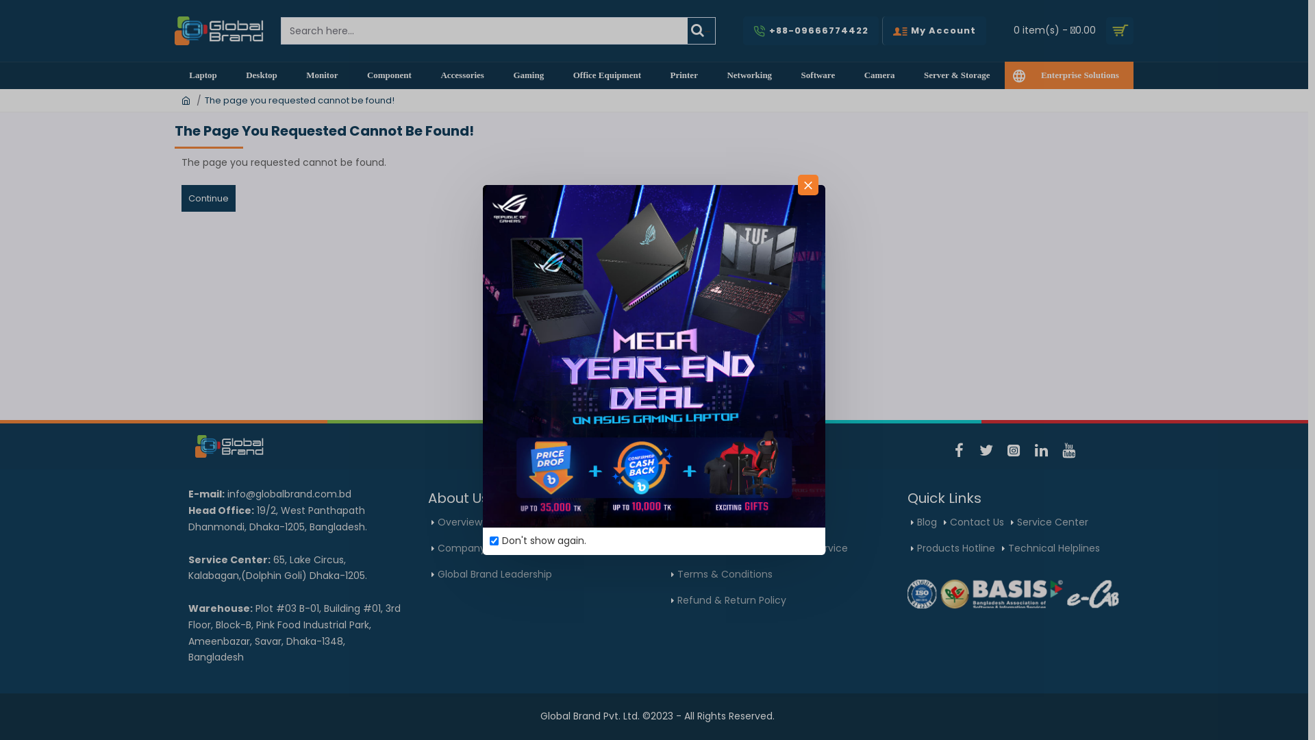 This screenshot has height=740, width=1315. I want to click on 'Service Center', so click(1011, 523).